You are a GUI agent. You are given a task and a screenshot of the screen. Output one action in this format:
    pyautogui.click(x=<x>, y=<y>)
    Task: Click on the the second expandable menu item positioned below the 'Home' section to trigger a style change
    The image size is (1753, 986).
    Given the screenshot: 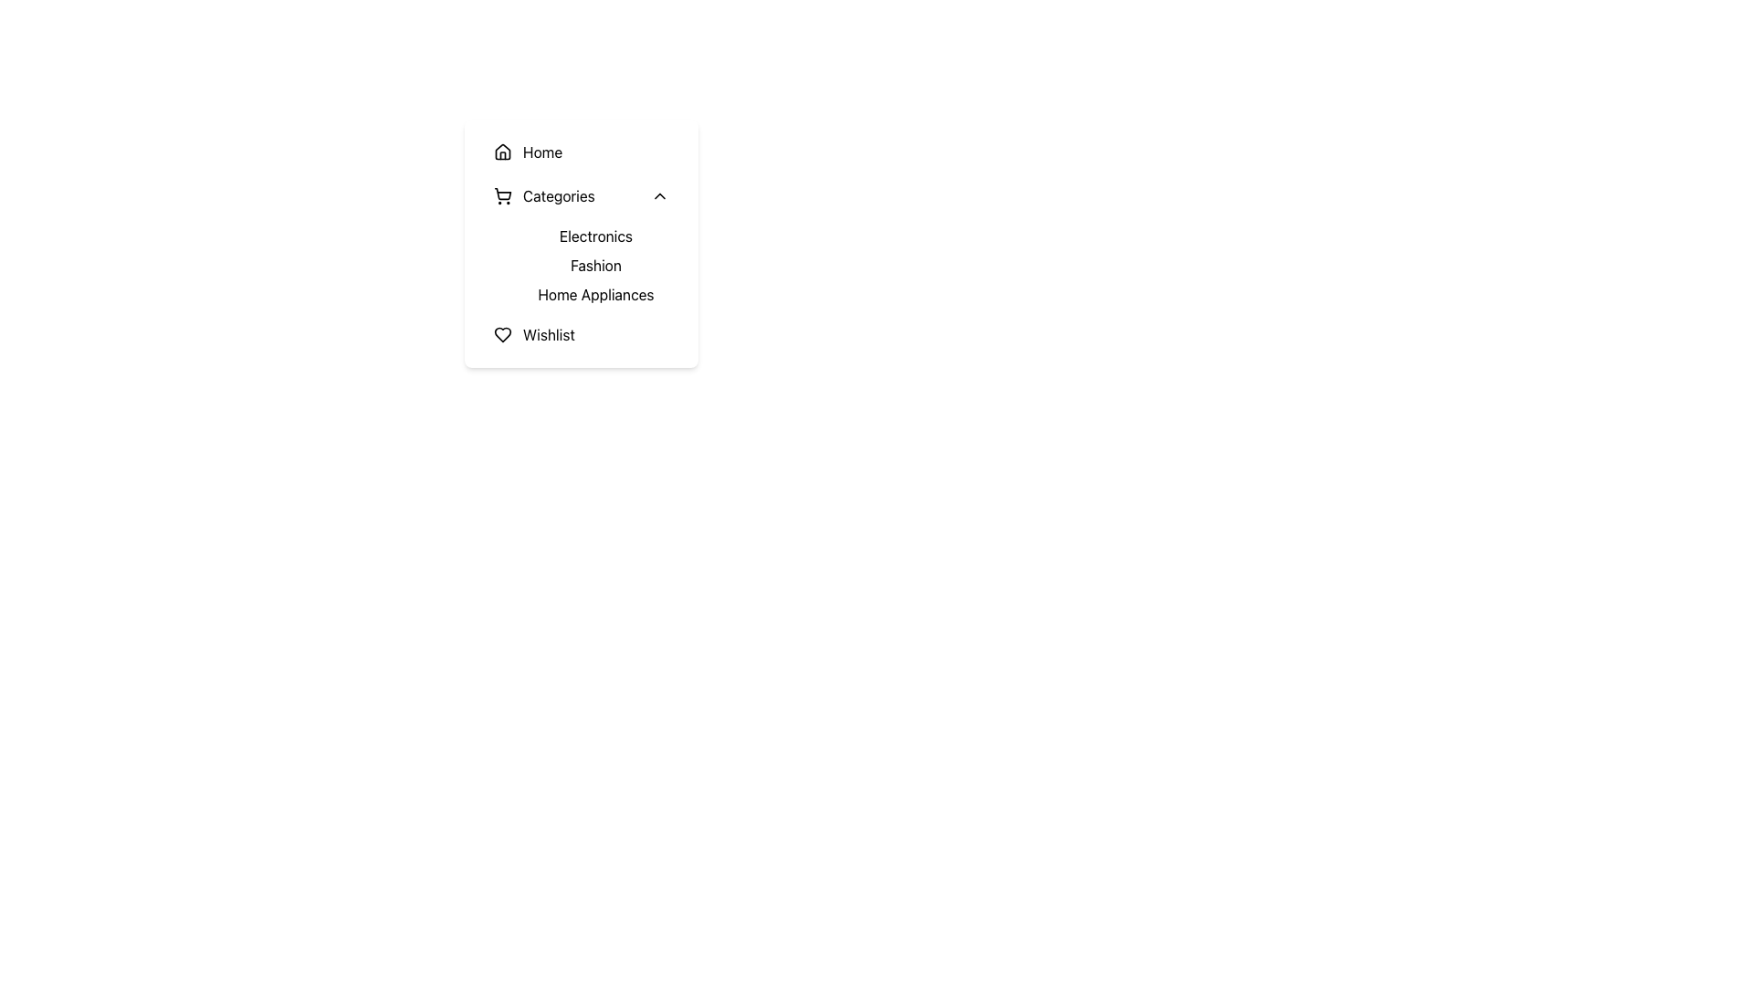 What is the action you would take?
    pyautogui.click(x=581, y=196)
    